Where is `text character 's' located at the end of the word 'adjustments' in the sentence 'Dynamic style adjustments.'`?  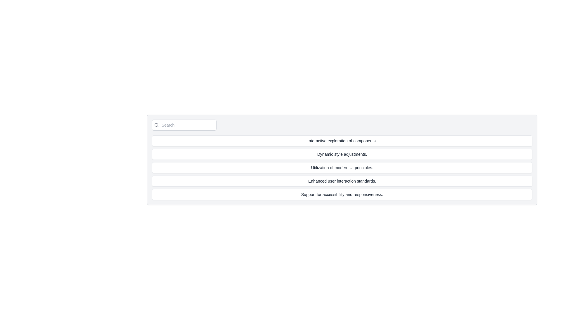
text character 's' located at the end of the word 'adjustments' in the sentence 'Dynamic style adjustments.' is located at coordinates (335, 154).